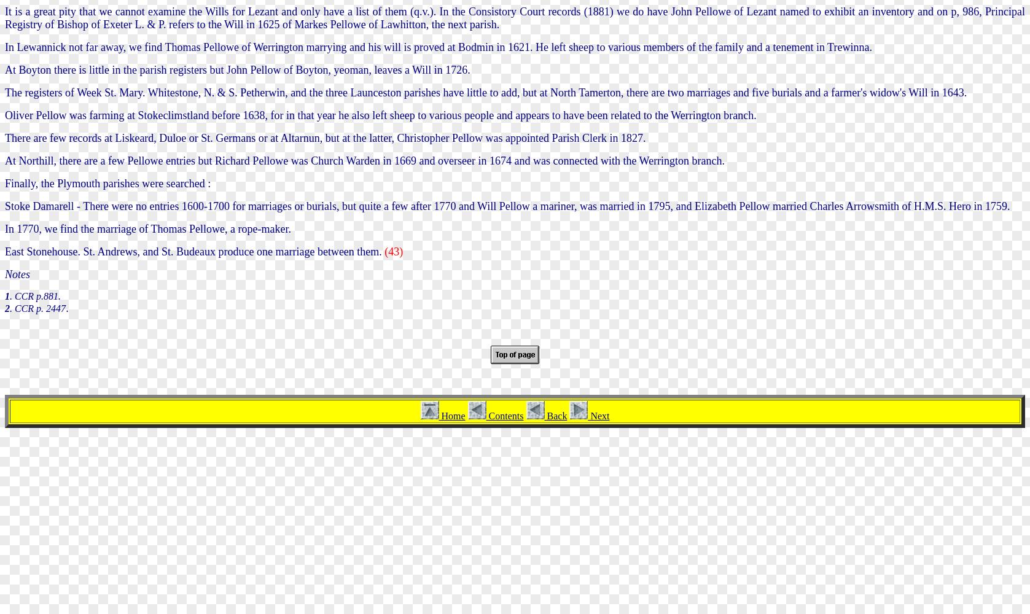  I want to click on 'Stoke
Damarell - There were no entries 1600-1700 for marriages or burials, but quite a
few after 1770 and Will Pellow a mariner, was married in 1795, and Elizabeth
Pellow married Charles Arrowsmith of H.M.S. Hero in 1759.', so click(507, 205).